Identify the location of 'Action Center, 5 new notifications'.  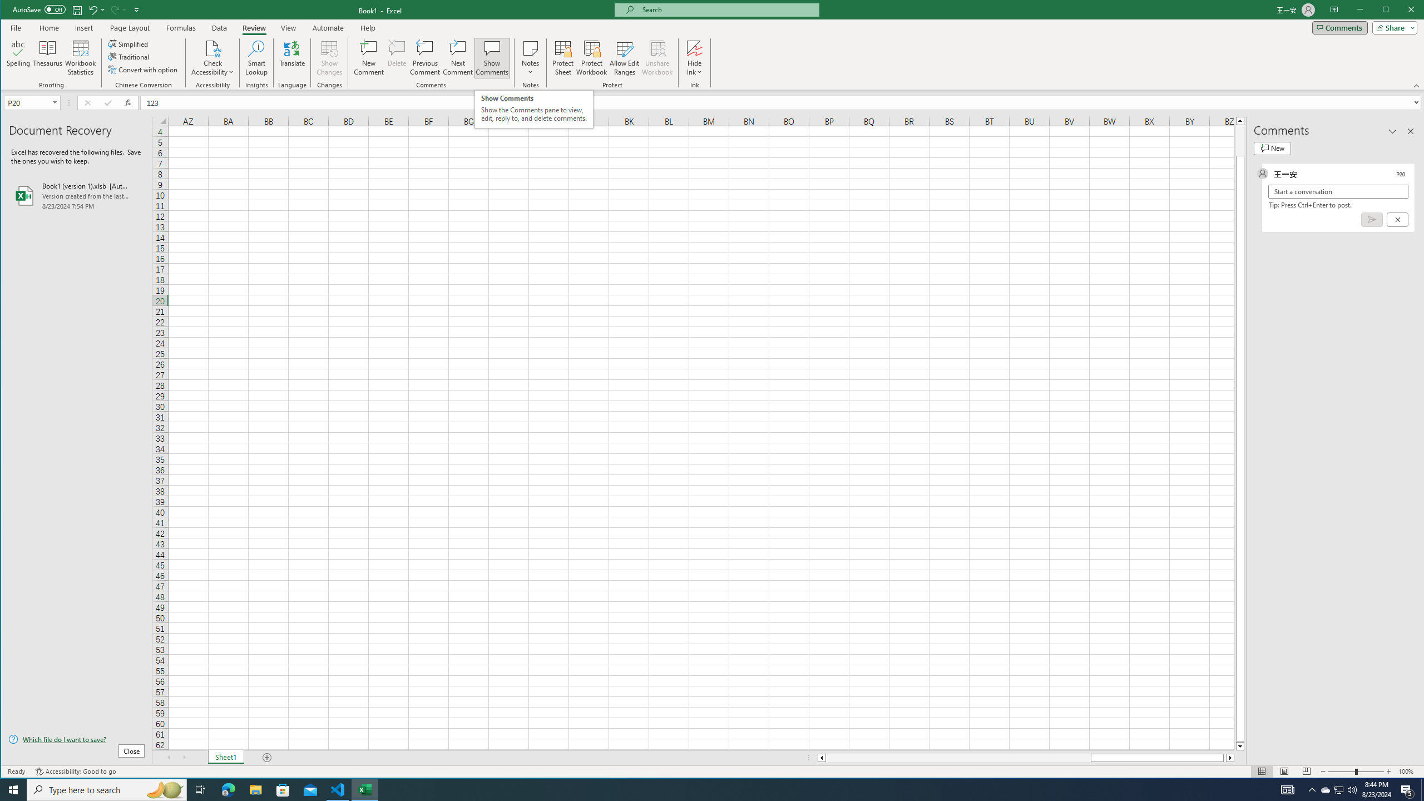
(1407, 789).